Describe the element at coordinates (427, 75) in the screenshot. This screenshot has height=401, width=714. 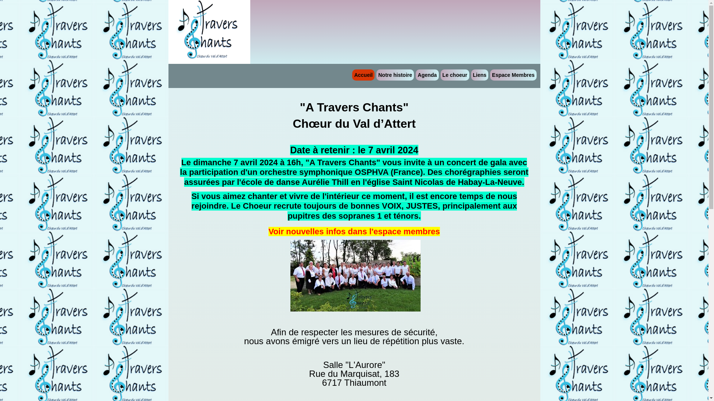
I see `'Agenda'` at that location.